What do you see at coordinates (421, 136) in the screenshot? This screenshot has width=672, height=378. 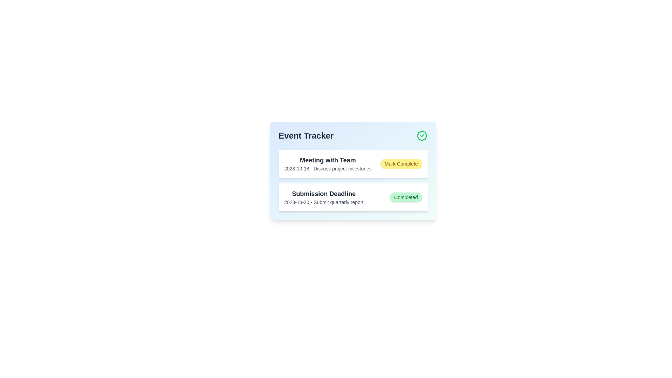 I see `the achievement status icon located in the top-right corner of the 'Event Tracker' header, which visually indicates the completion of an event-related task` at bounding box center [421, 136].